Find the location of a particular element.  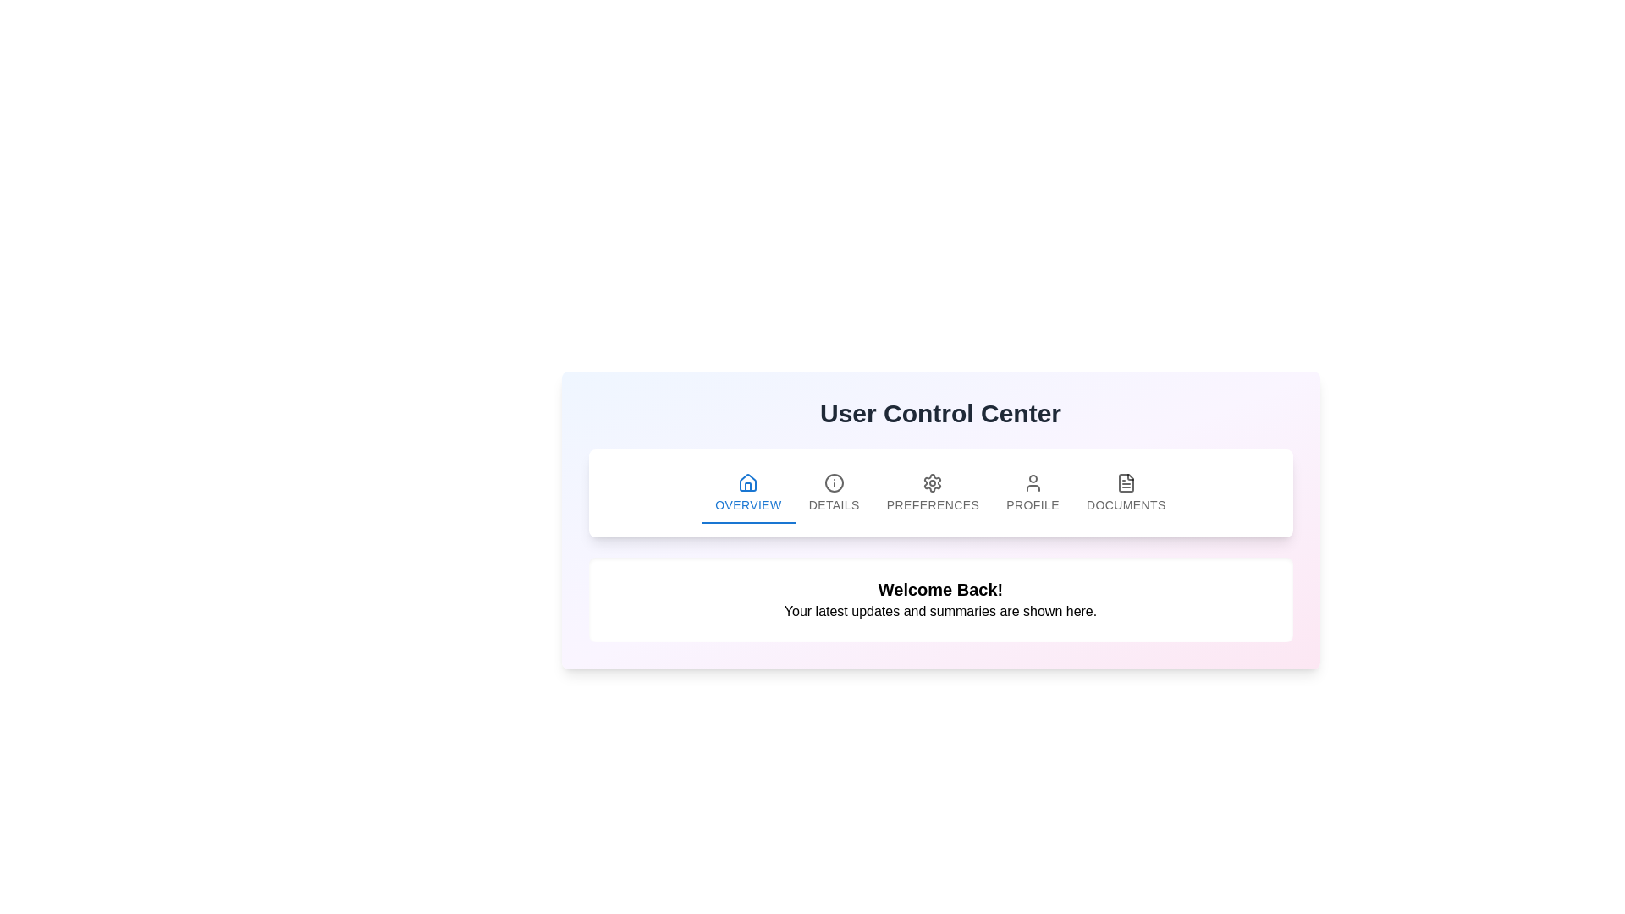

the gear icon within the 'Preferences' tab is located at coordinates (932, 483).